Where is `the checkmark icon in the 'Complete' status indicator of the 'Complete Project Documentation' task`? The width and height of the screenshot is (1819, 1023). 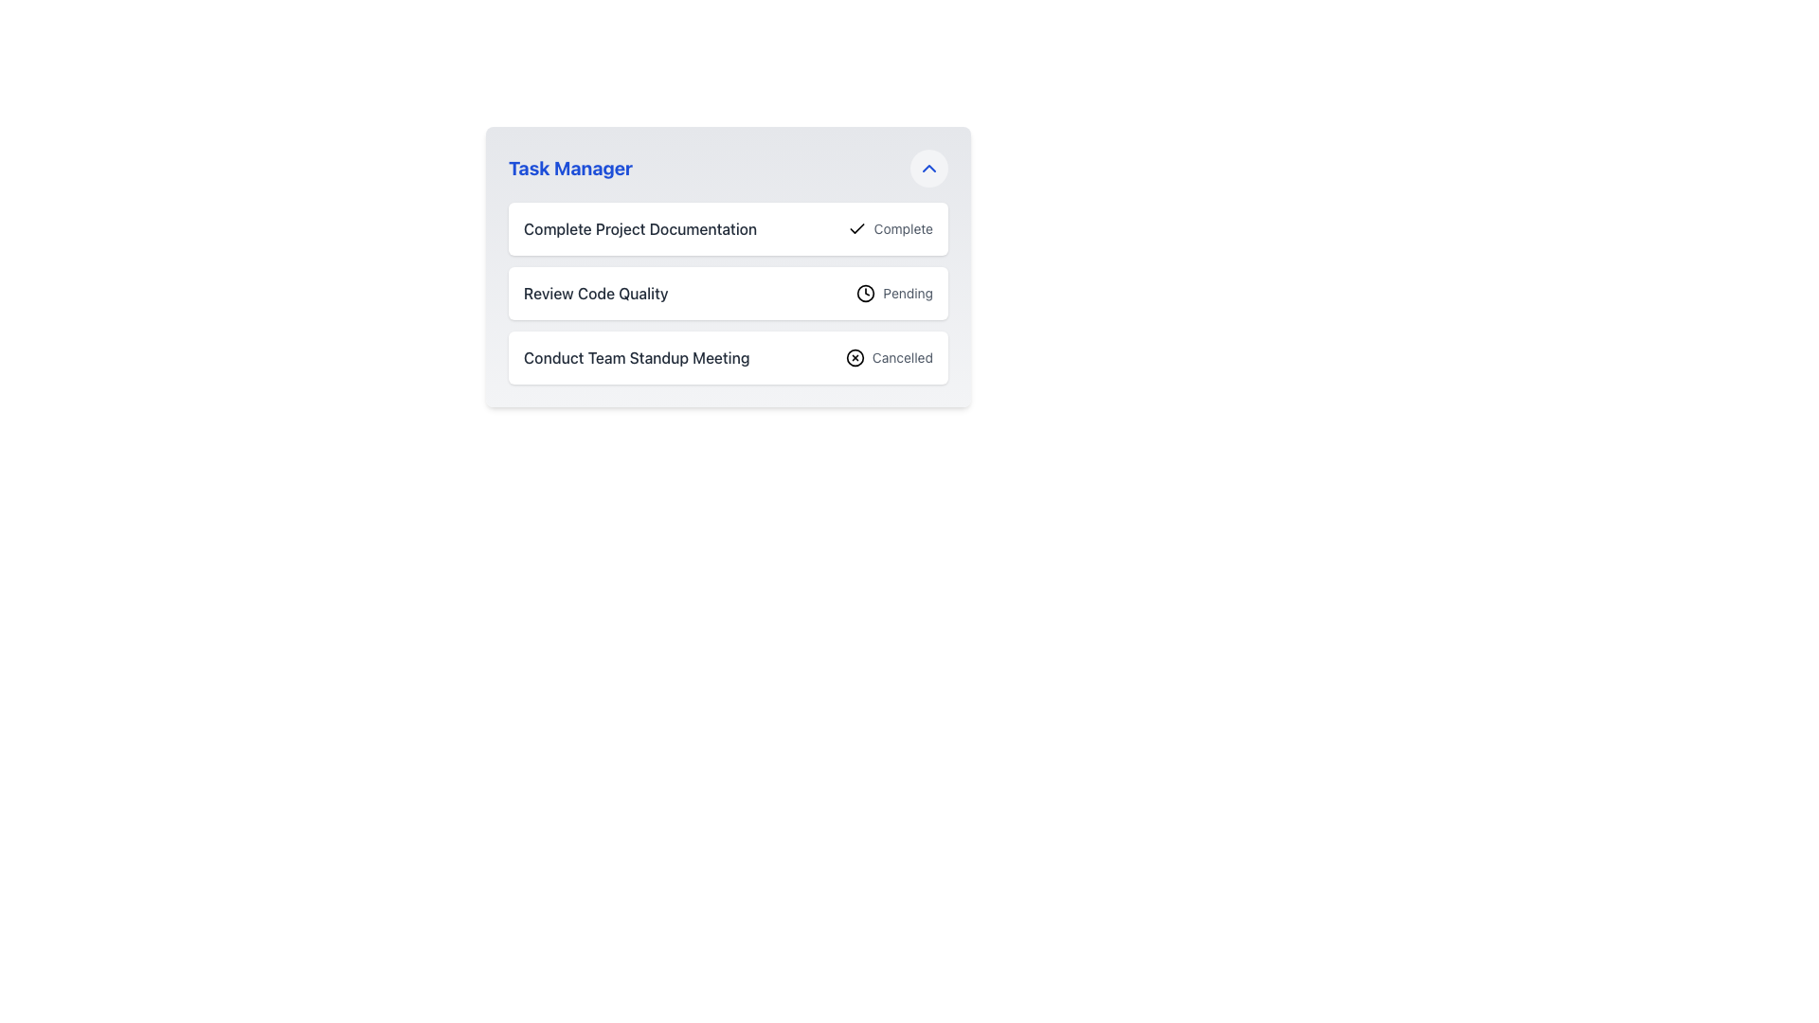 the checkmark icon in the 'Complete' status indicator of the 'Complete Project Documentation' task is located at coordinates (855, 227).